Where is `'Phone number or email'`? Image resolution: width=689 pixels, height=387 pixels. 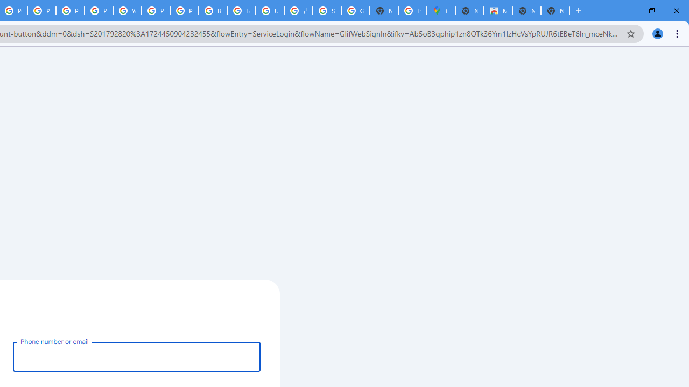 'Phone number or email' is located at coordinates (136, 356).